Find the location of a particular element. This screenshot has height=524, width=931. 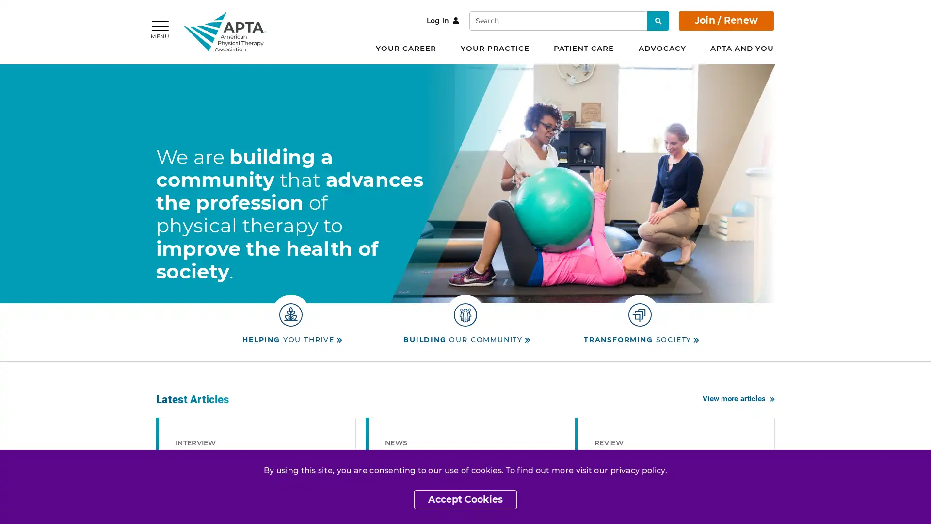

Search is located at coordinates (658, 20).